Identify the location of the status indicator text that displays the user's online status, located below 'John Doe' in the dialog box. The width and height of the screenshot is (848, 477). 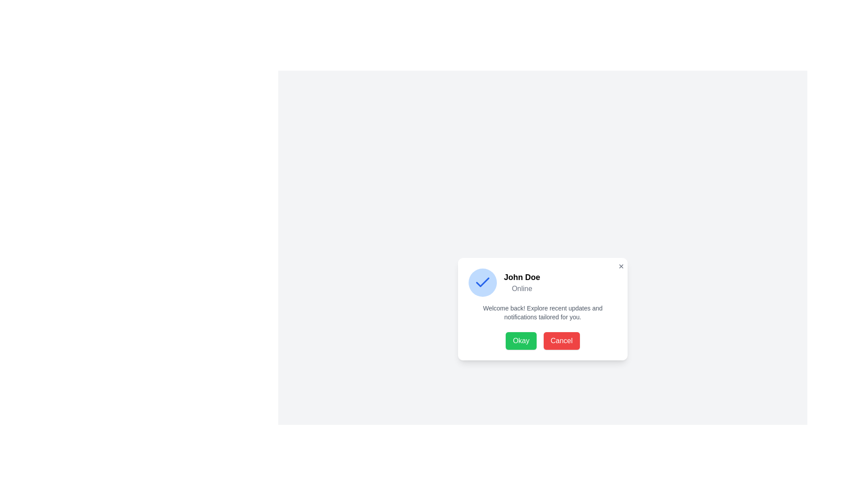
(522, 289).